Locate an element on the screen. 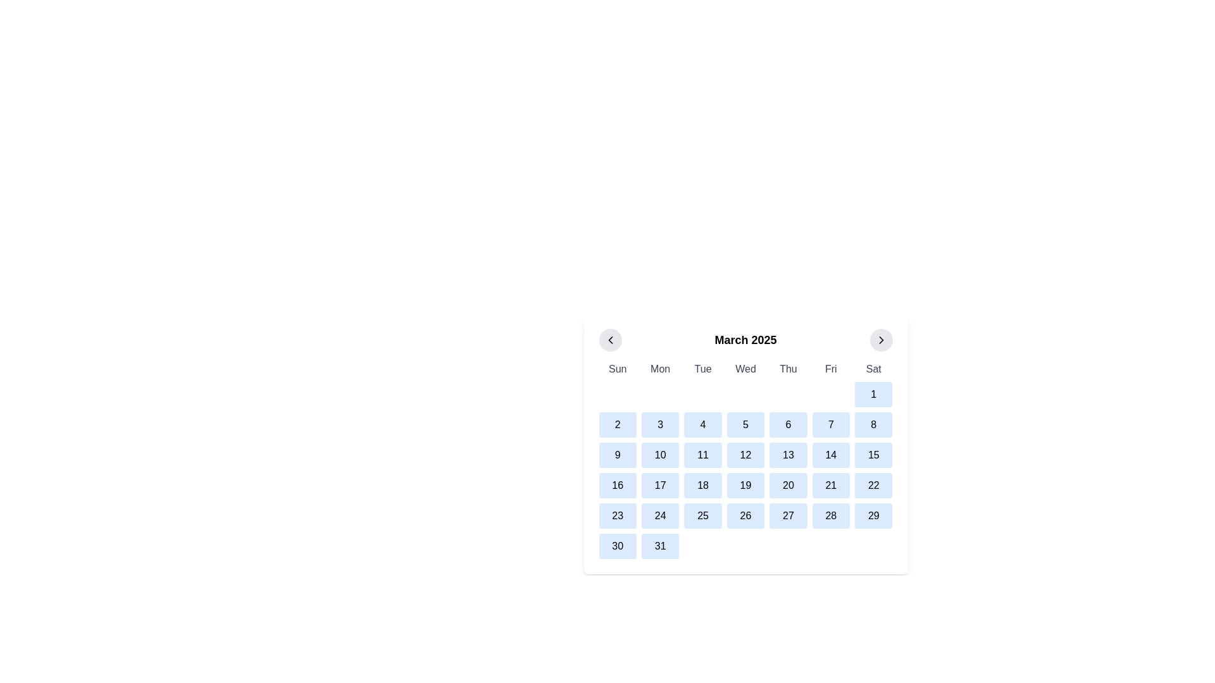 This screenshot has height=683, width=1215. the square-shaped button with rounded corners displaying the number '11' in a bold, black font, located in the third week row and third column of the calendar grid under 'Tue' is located at coordinates (702, 455).